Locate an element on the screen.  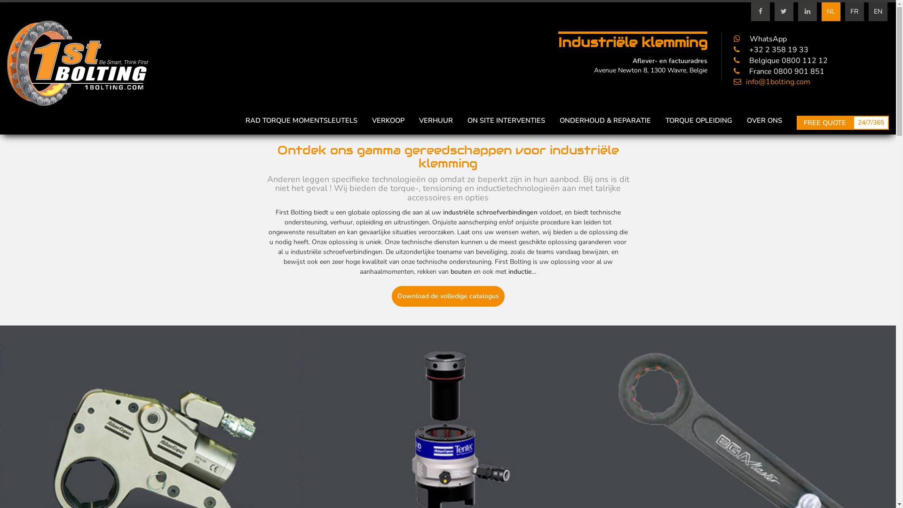
'VERKOOP' is located at coordinates (388, 119).